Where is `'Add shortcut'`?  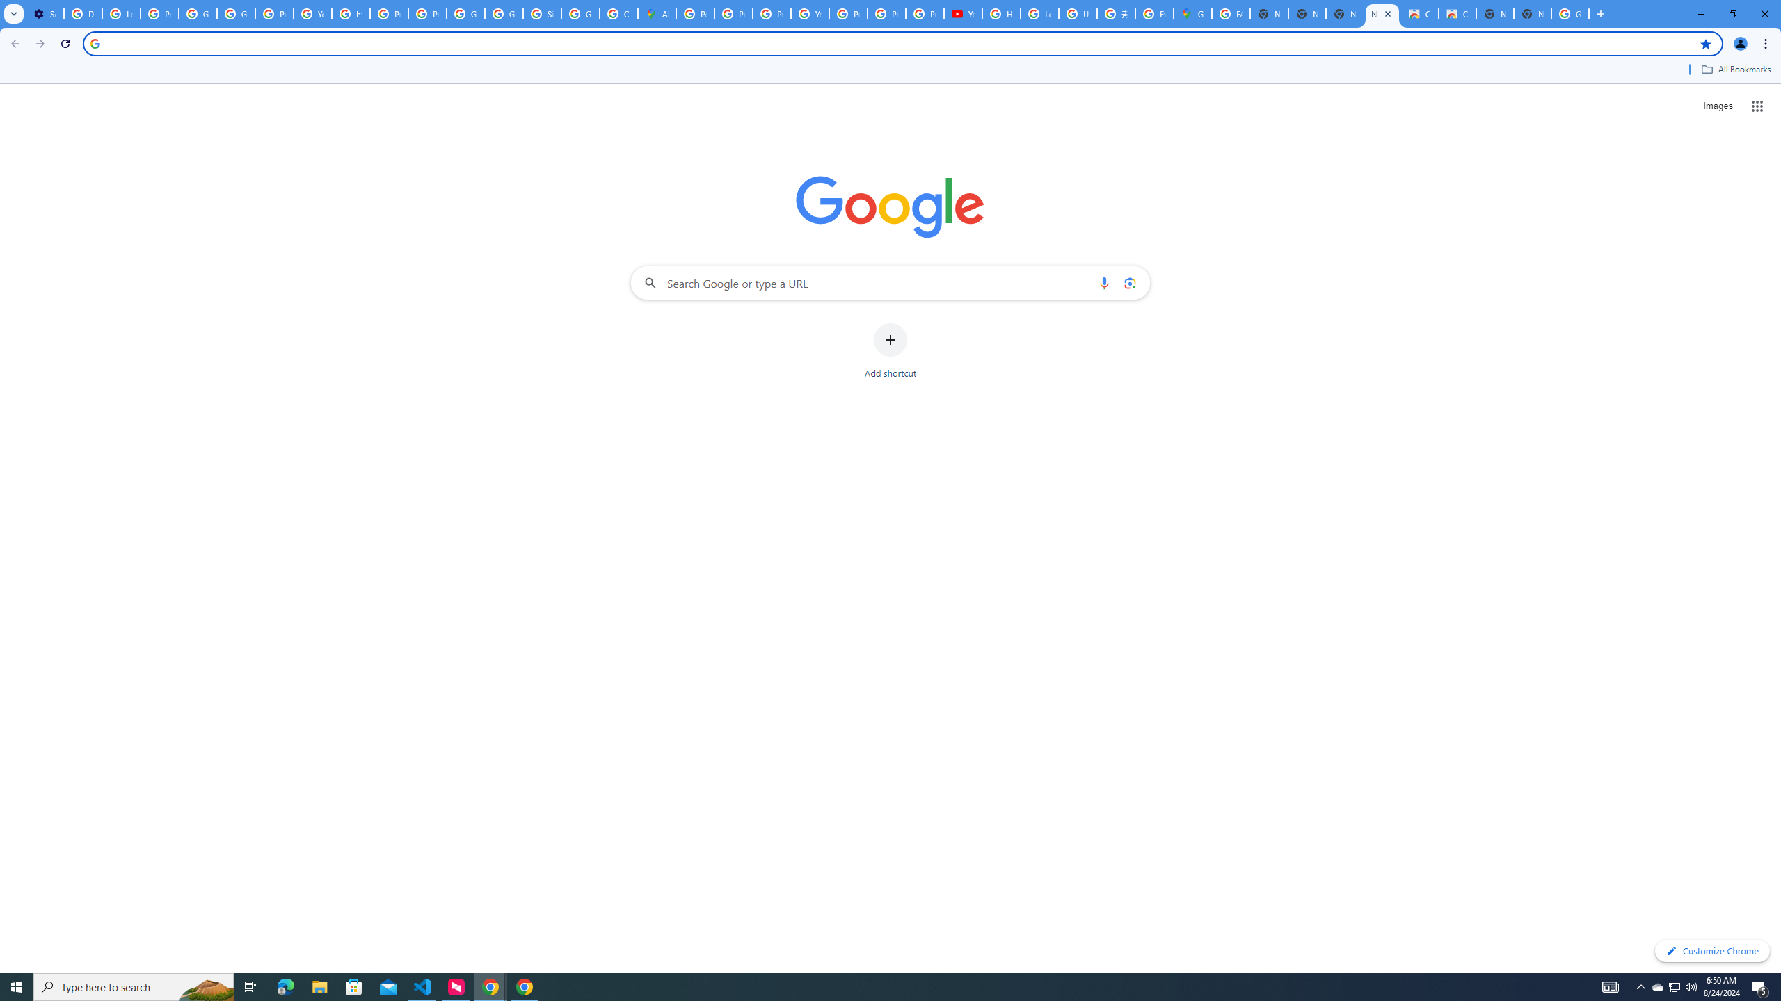 'Add shortcut' is located at coordinates (890, 351).